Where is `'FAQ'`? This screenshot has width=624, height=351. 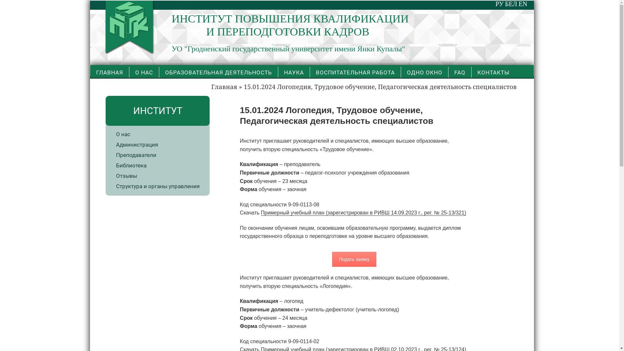
'FAQ' is located at coordinates (460, 72).